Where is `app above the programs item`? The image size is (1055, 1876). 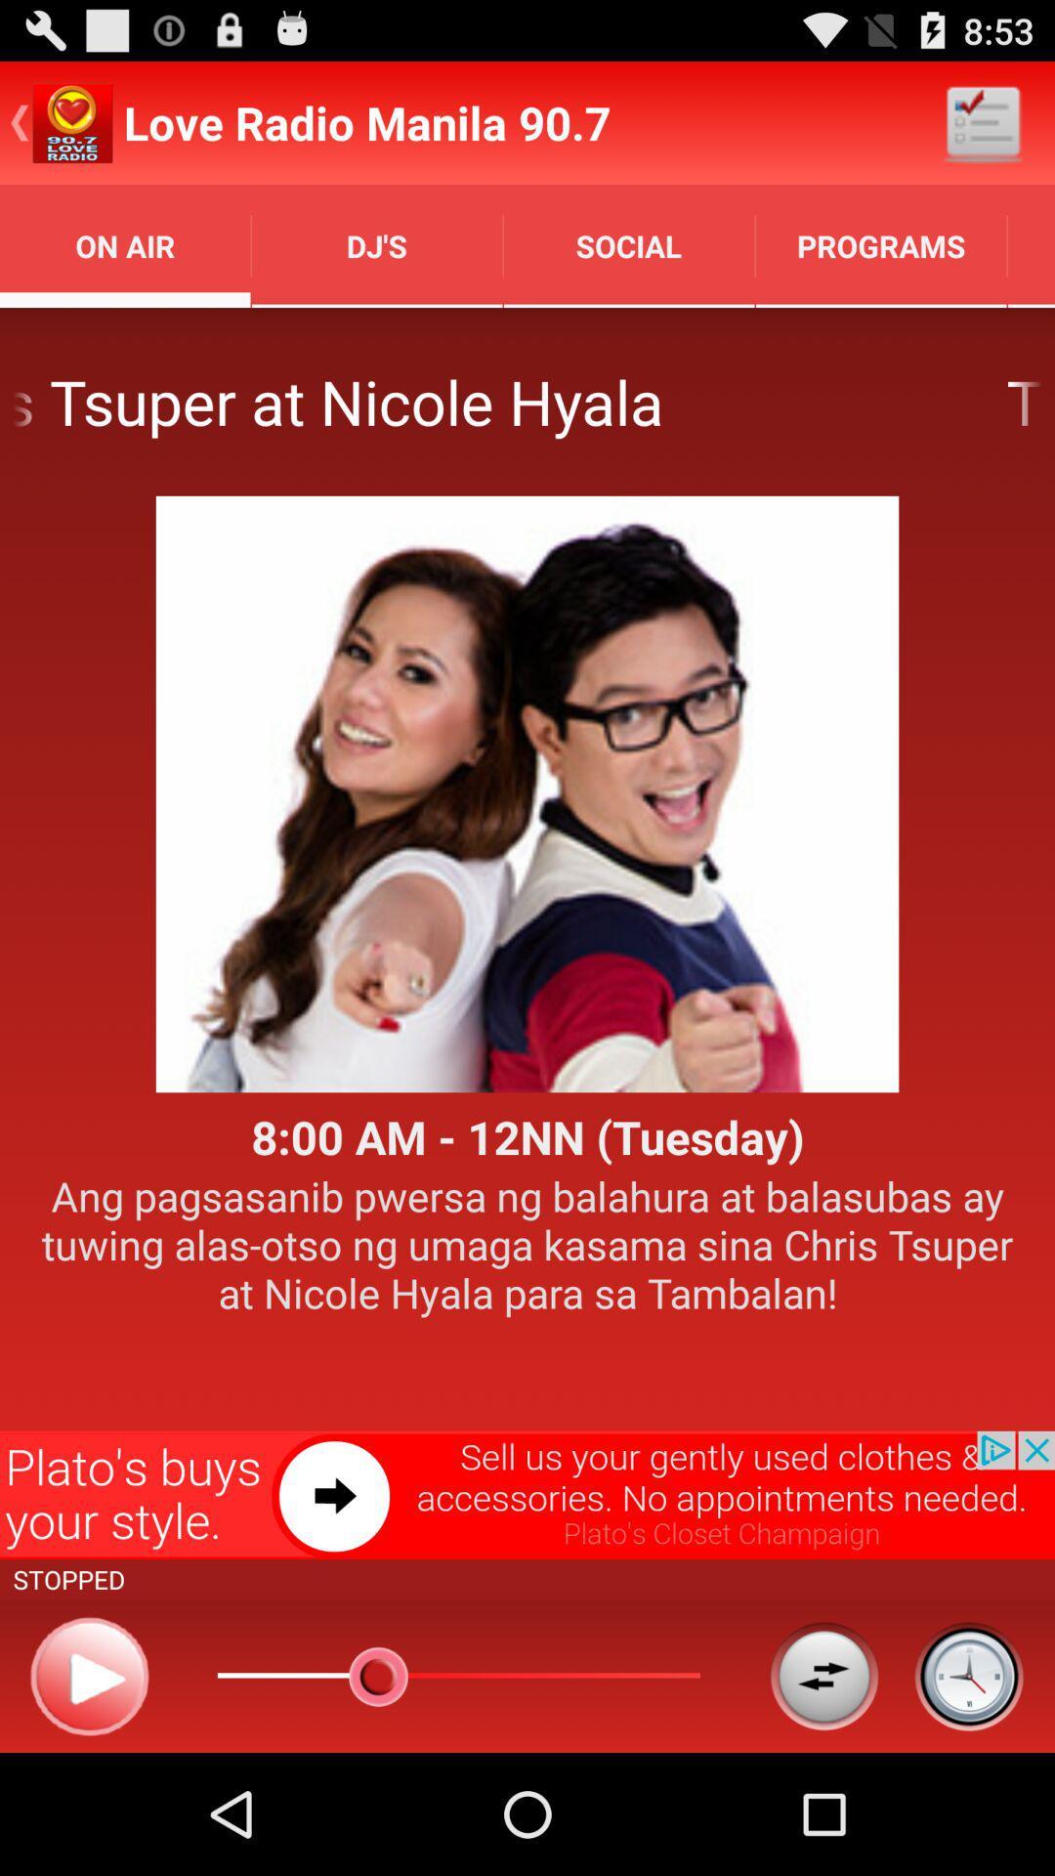 app above the programs item is located at coordinates (983, 121).